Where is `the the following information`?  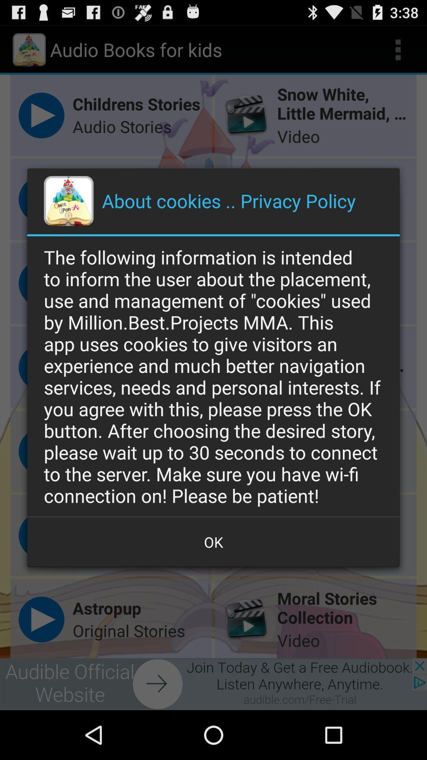 the the following information is located at coordinates (213, 376).